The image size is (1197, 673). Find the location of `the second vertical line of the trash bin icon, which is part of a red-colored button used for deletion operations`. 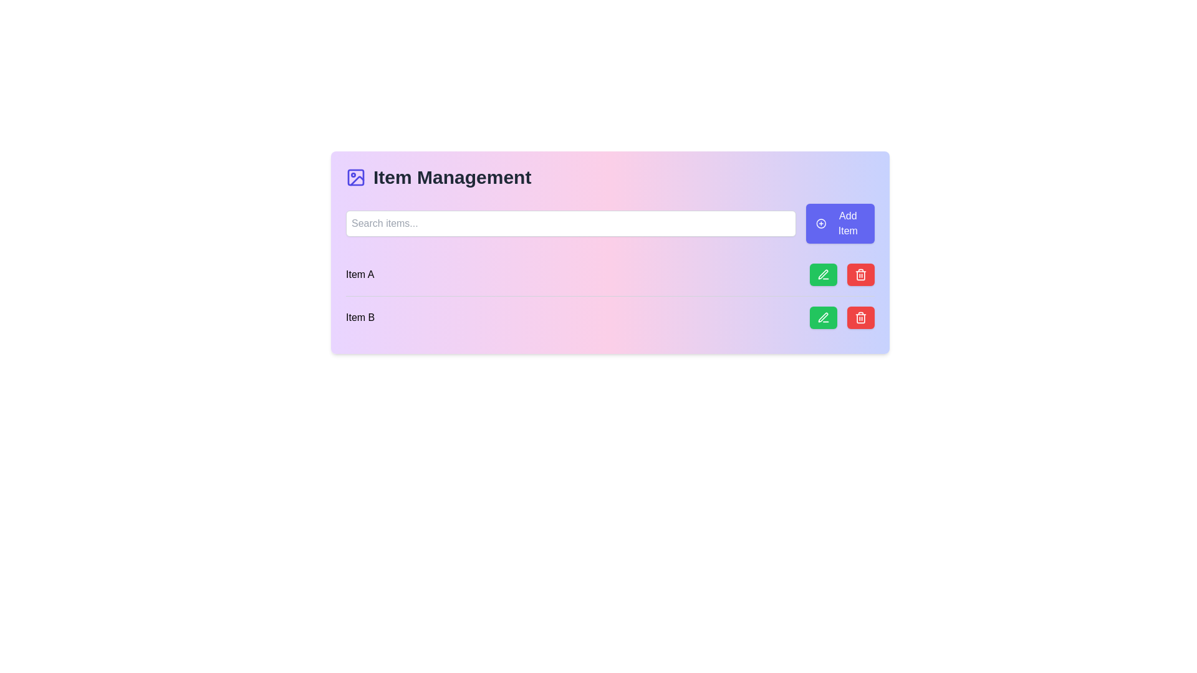

the second vertical line of the trash bin icon, which is part of a red-colored button used for deletion operations is located at coordinates (860, 317).